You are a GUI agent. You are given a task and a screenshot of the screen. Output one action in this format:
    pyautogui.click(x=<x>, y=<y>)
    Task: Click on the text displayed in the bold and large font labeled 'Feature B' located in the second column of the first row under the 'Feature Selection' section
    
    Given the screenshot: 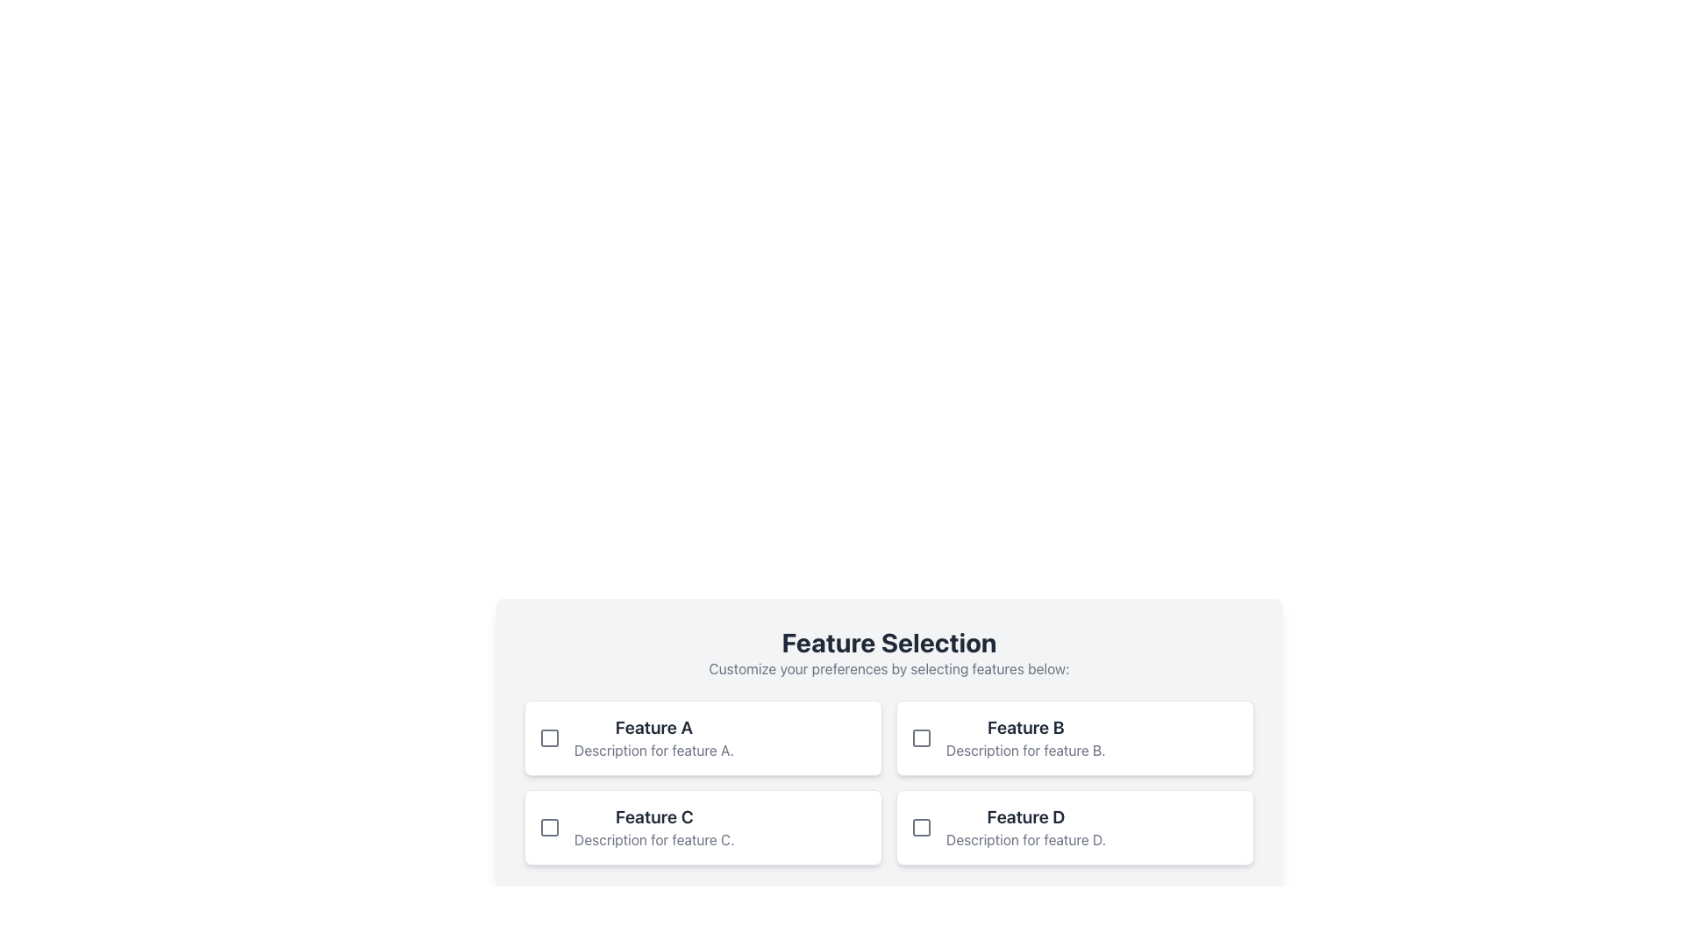 What is the action you would take?
    pyautogui.click(x=1025, y=727)
    